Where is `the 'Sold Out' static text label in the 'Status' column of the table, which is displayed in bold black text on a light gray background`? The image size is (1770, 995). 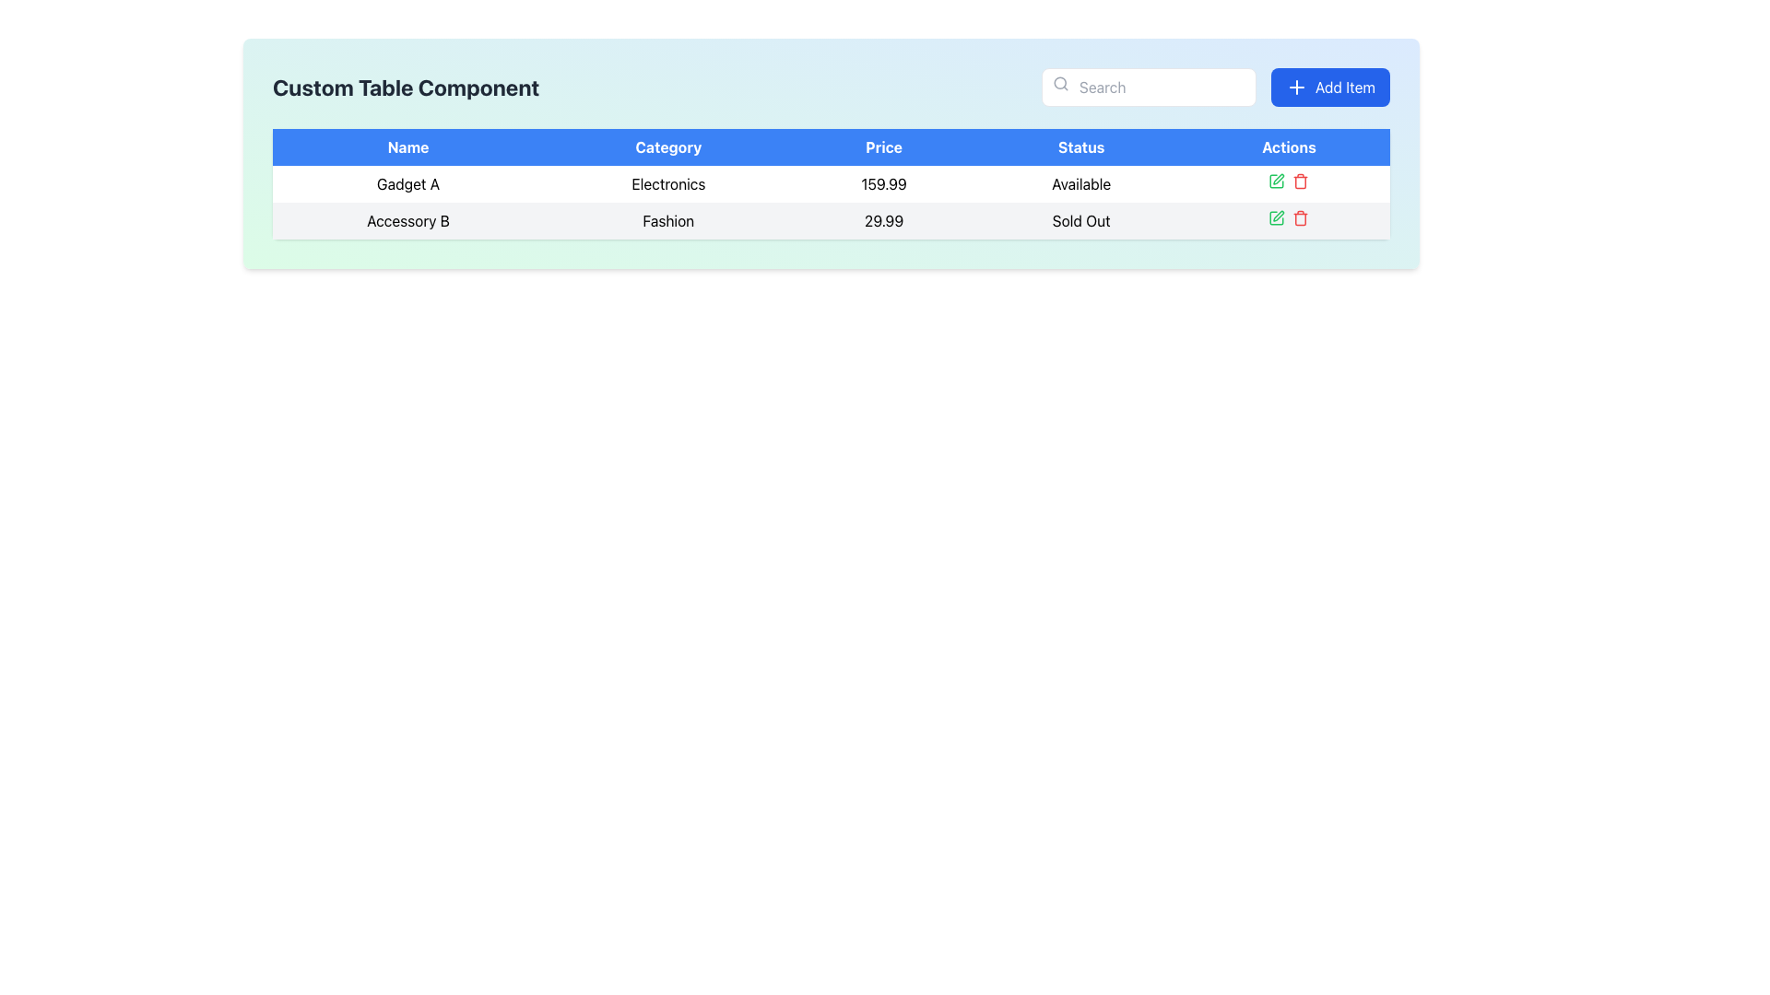 the 'Sold Out' static text label in the 'Status' column of the table, which is displayed in bold black text on a light gray background is located at coordinates (1081, 219).